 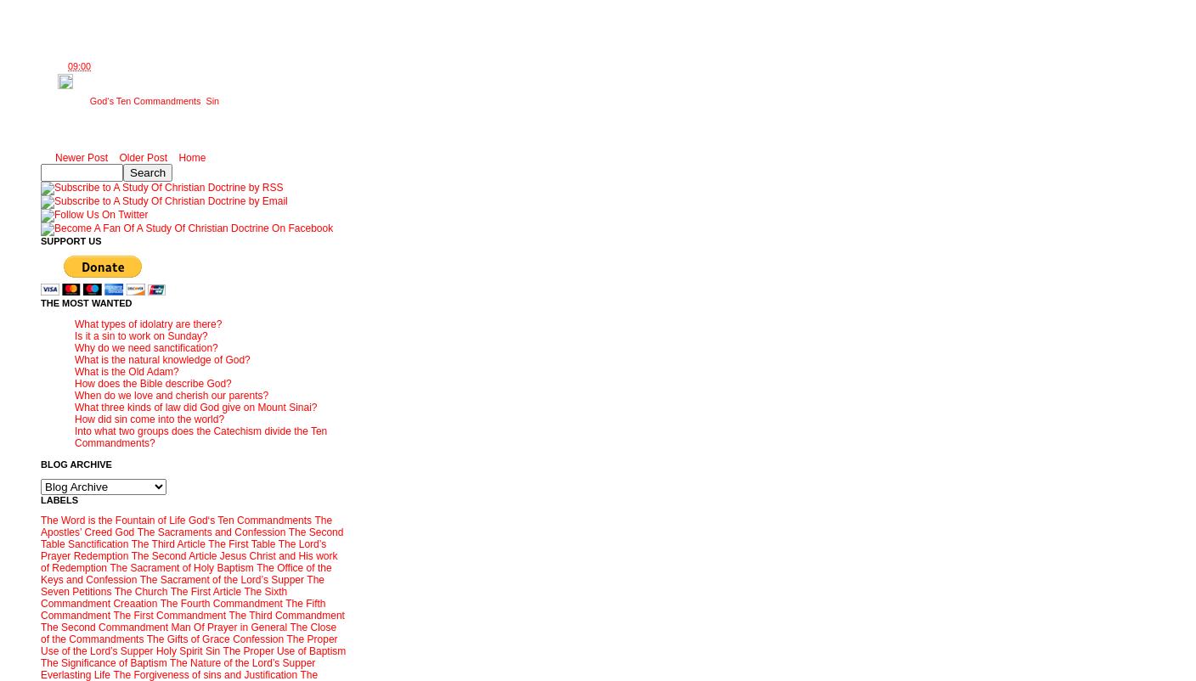 I want to click on 'The Fifth Commandment', so click(x=182, y=609).